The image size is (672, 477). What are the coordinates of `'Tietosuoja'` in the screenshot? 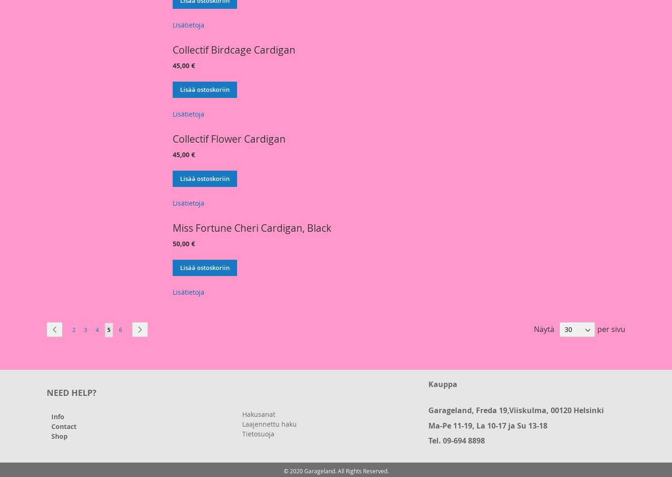 It's located at (258, 433).